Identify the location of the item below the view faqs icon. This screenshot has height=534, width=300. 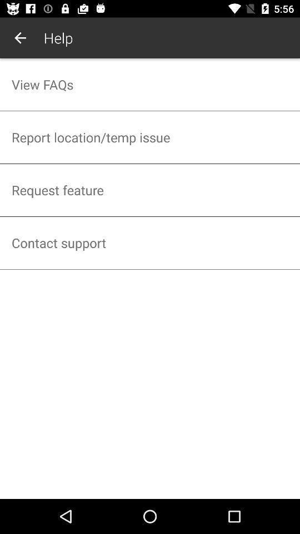
(150, 137).